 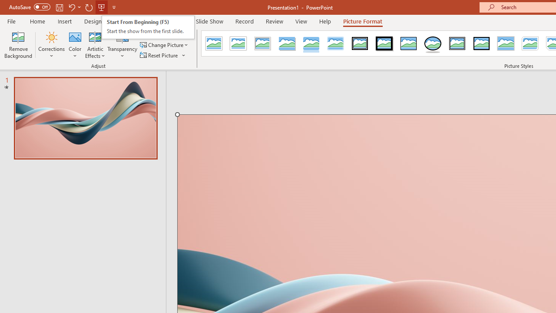 What do you see at coordinates (209, 21) in the screenshot?
I see `'Slide Show'` at bounding box center [209, 21].